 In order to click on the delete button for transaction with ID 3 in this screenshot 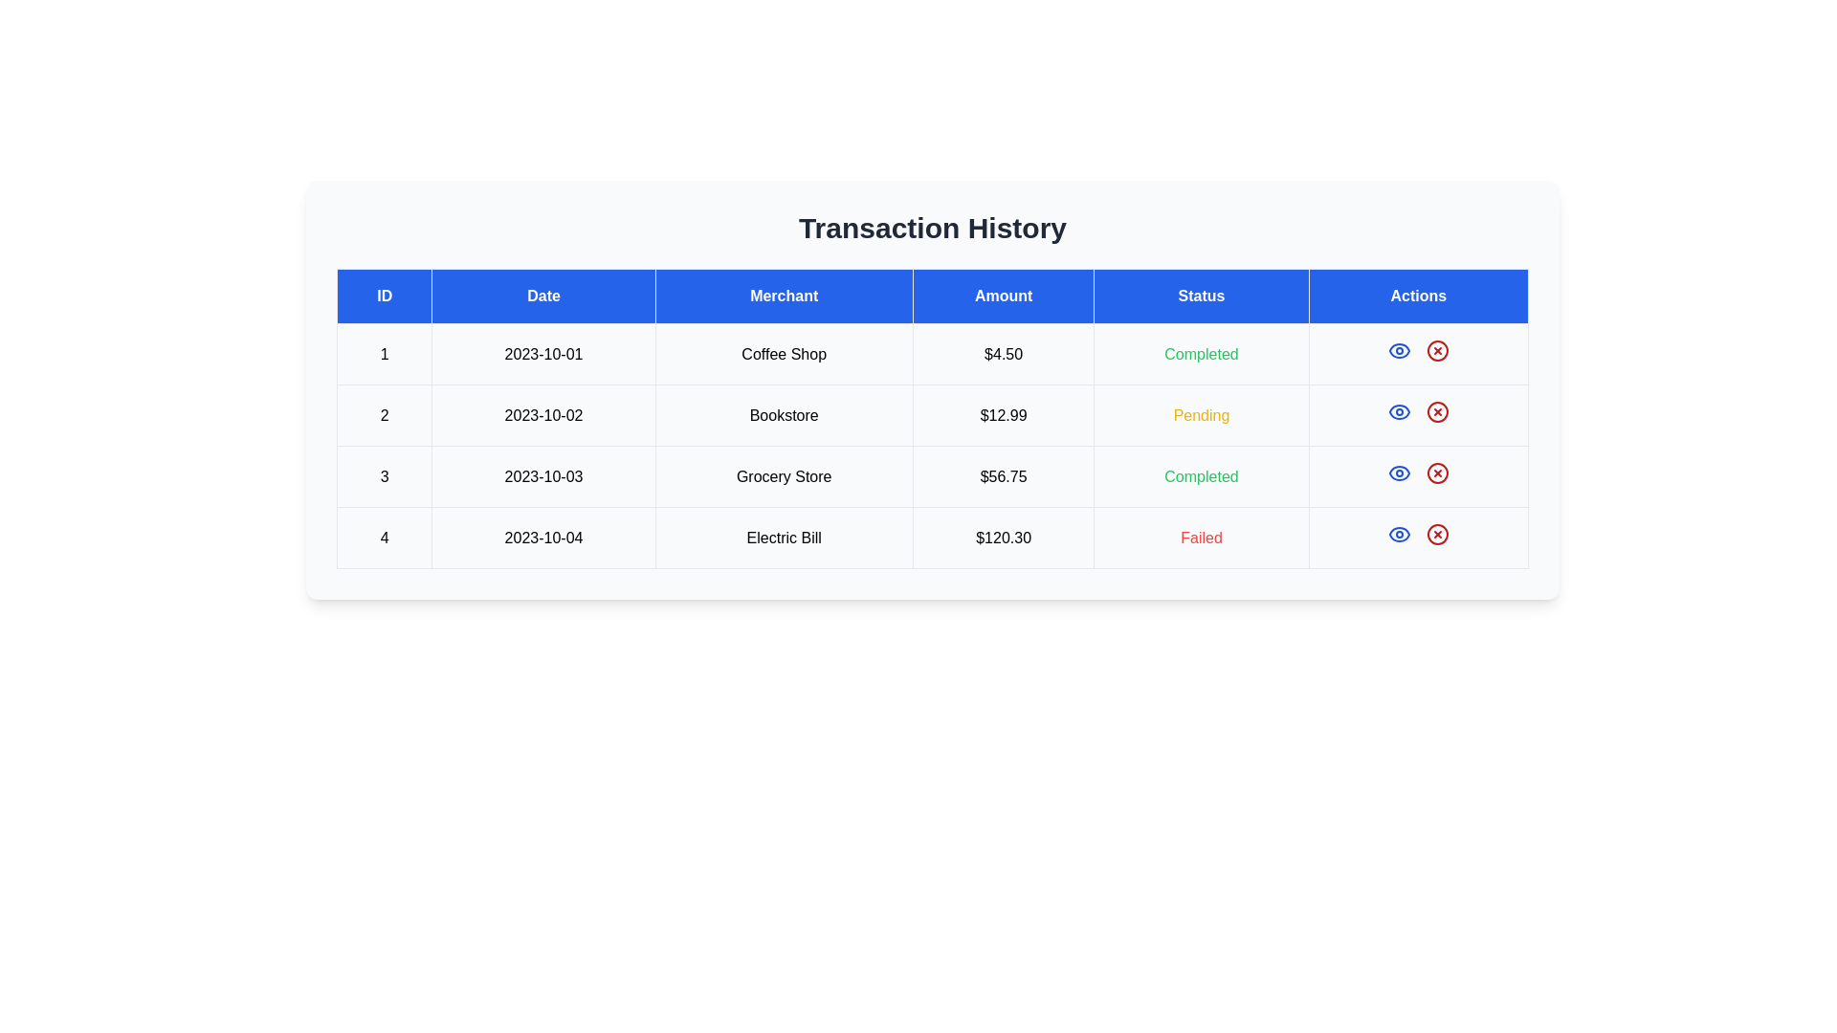, I will do `click(1437, 473)`.